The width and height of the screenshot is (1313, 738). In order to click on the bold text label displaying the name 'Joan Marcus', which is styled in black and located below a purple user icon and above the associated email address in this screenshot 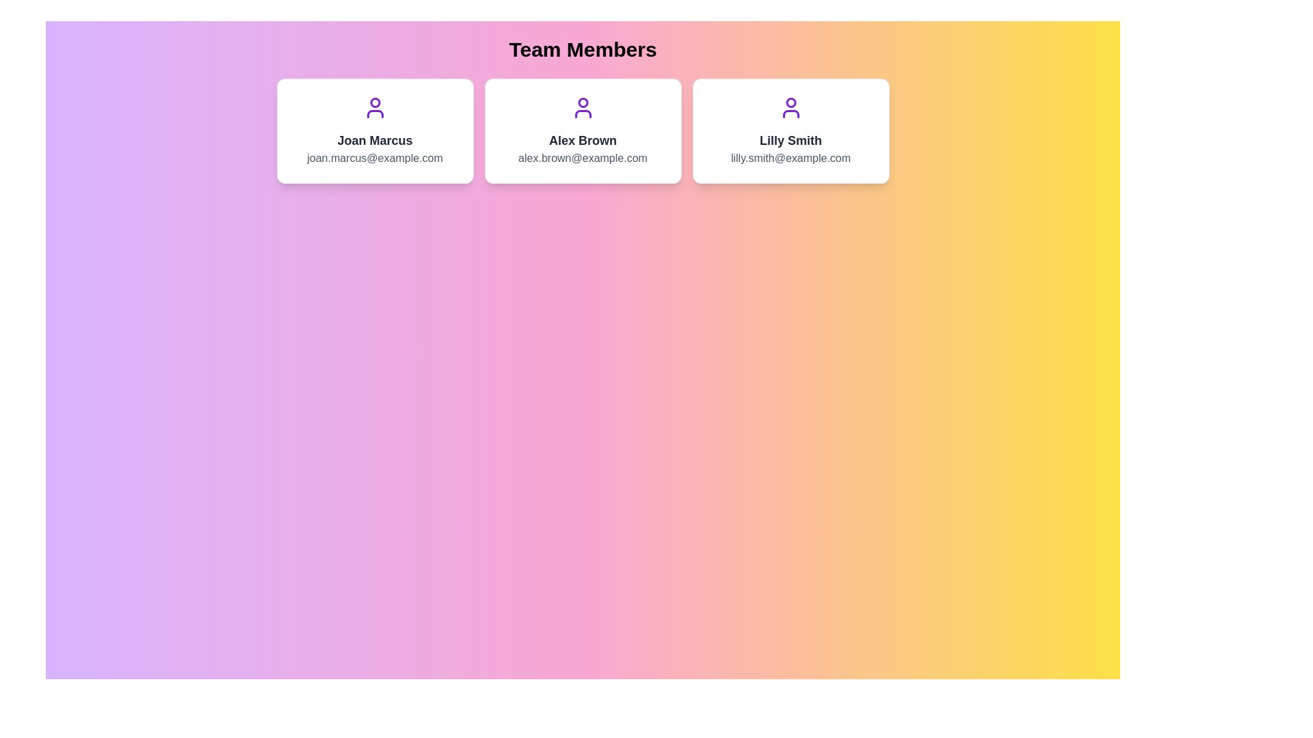, I will do `click(375, 140)`.